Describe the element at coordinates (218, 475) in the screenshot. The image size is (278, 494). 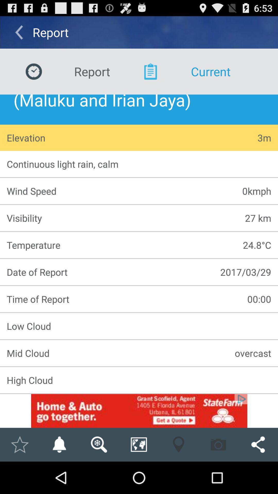
I see `the photo icon` at that location.